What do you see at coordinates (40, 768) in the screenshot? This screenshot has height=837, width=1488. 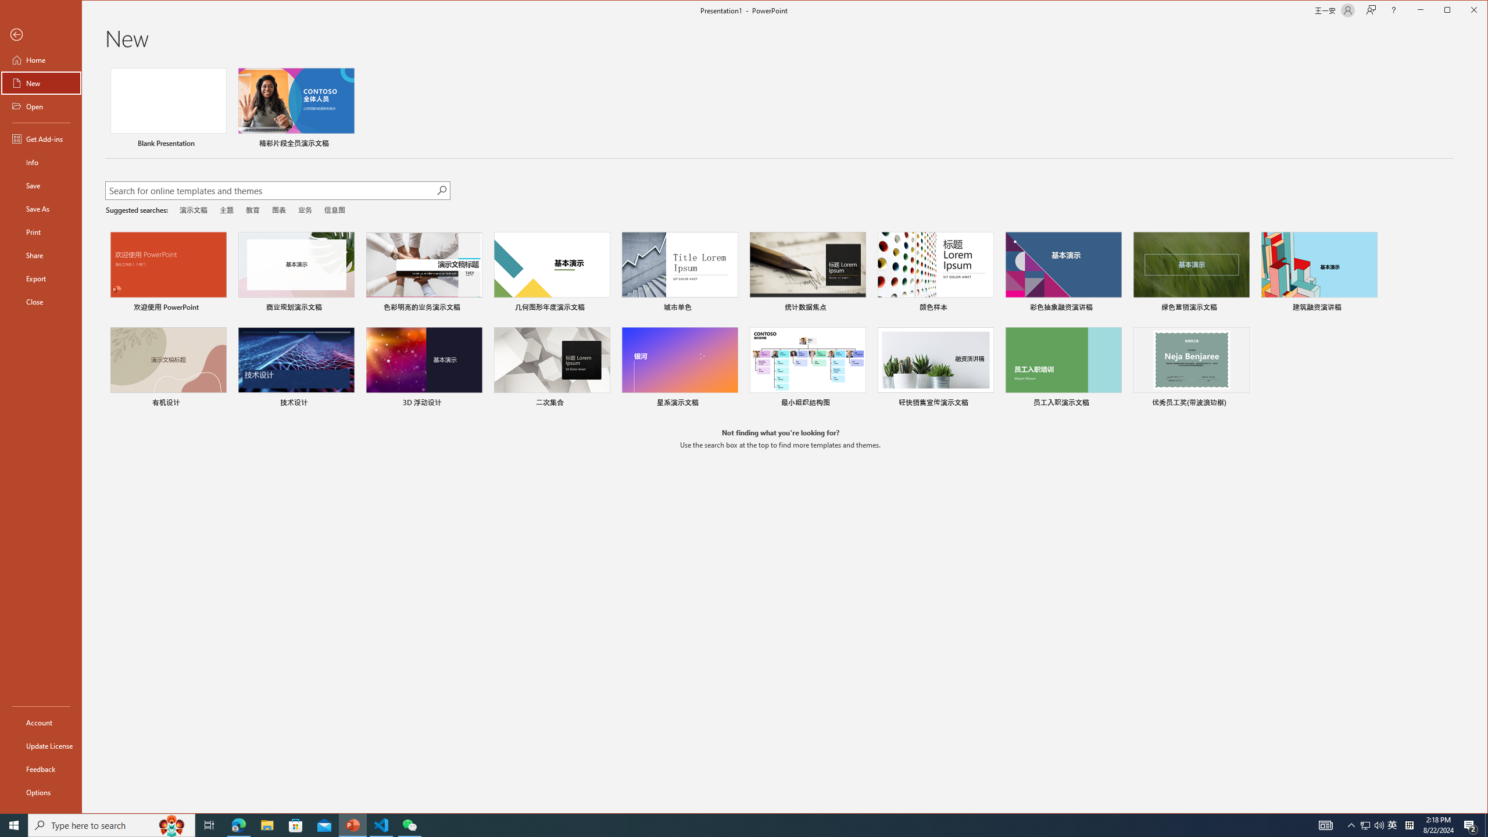 I see `'Feedback'` at bounding box center [40, 768].